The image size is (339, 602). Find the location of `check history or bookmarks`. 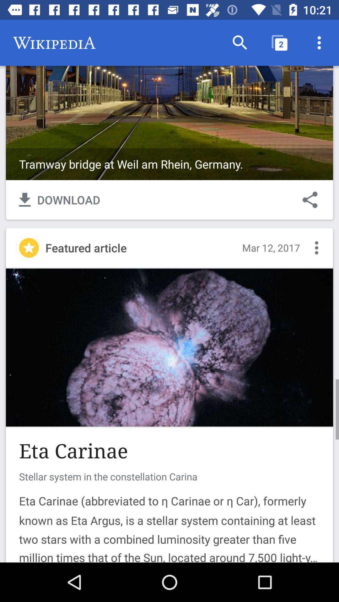

check history or bookmarks is located at coordinates (316, 247).